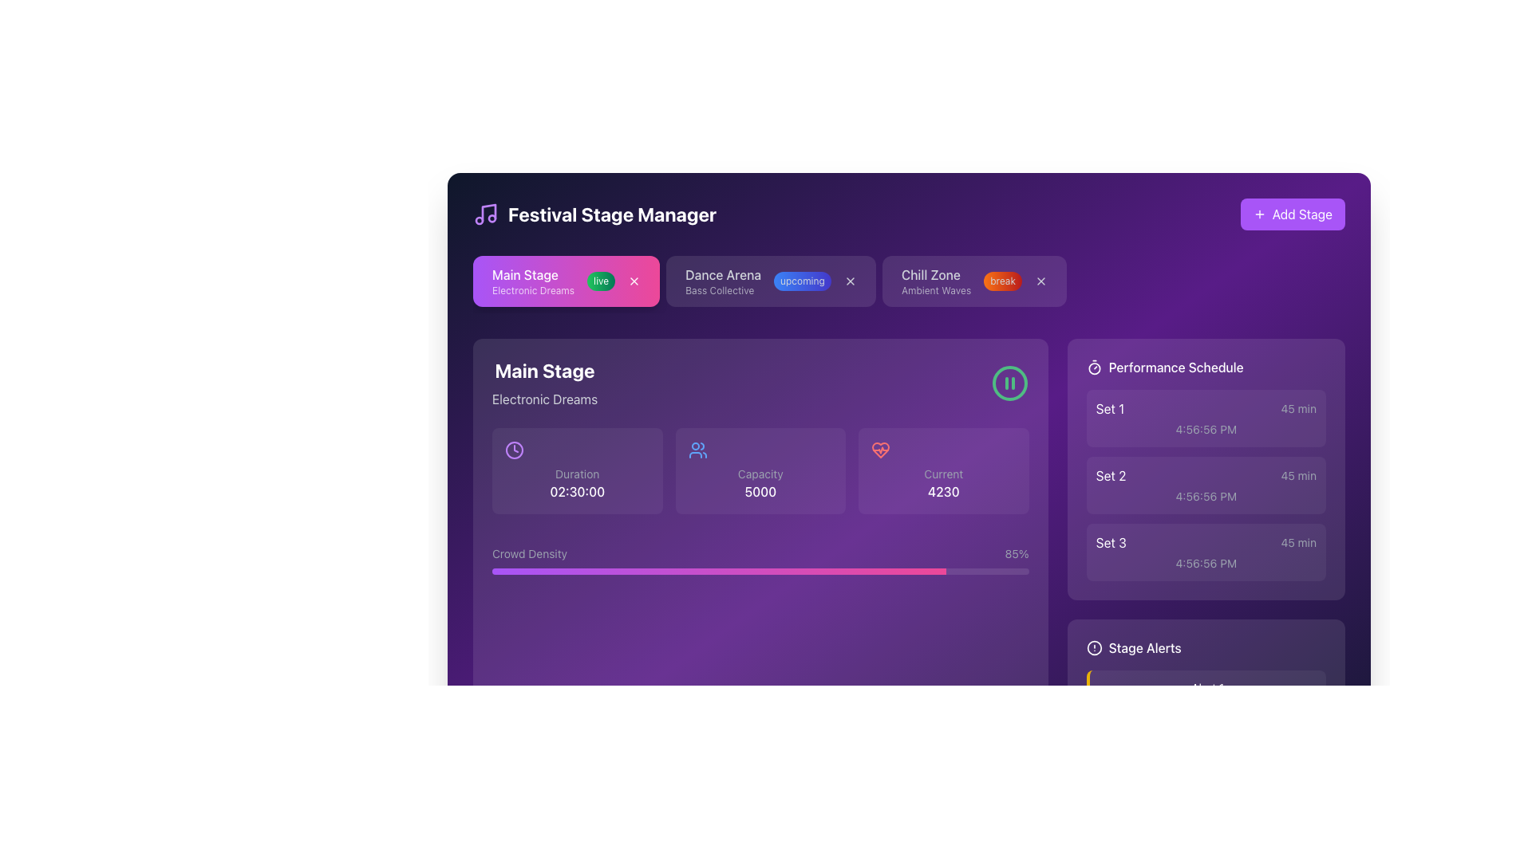 The height and width of the screenshot is (861, 1532). Describe the element at coordinates (849, 281) in the screenshot. I see `the Close icon, a simple cross styled for interactive elements, located in the 'Dance Arena' section under 'Bass Collective'` at that location.